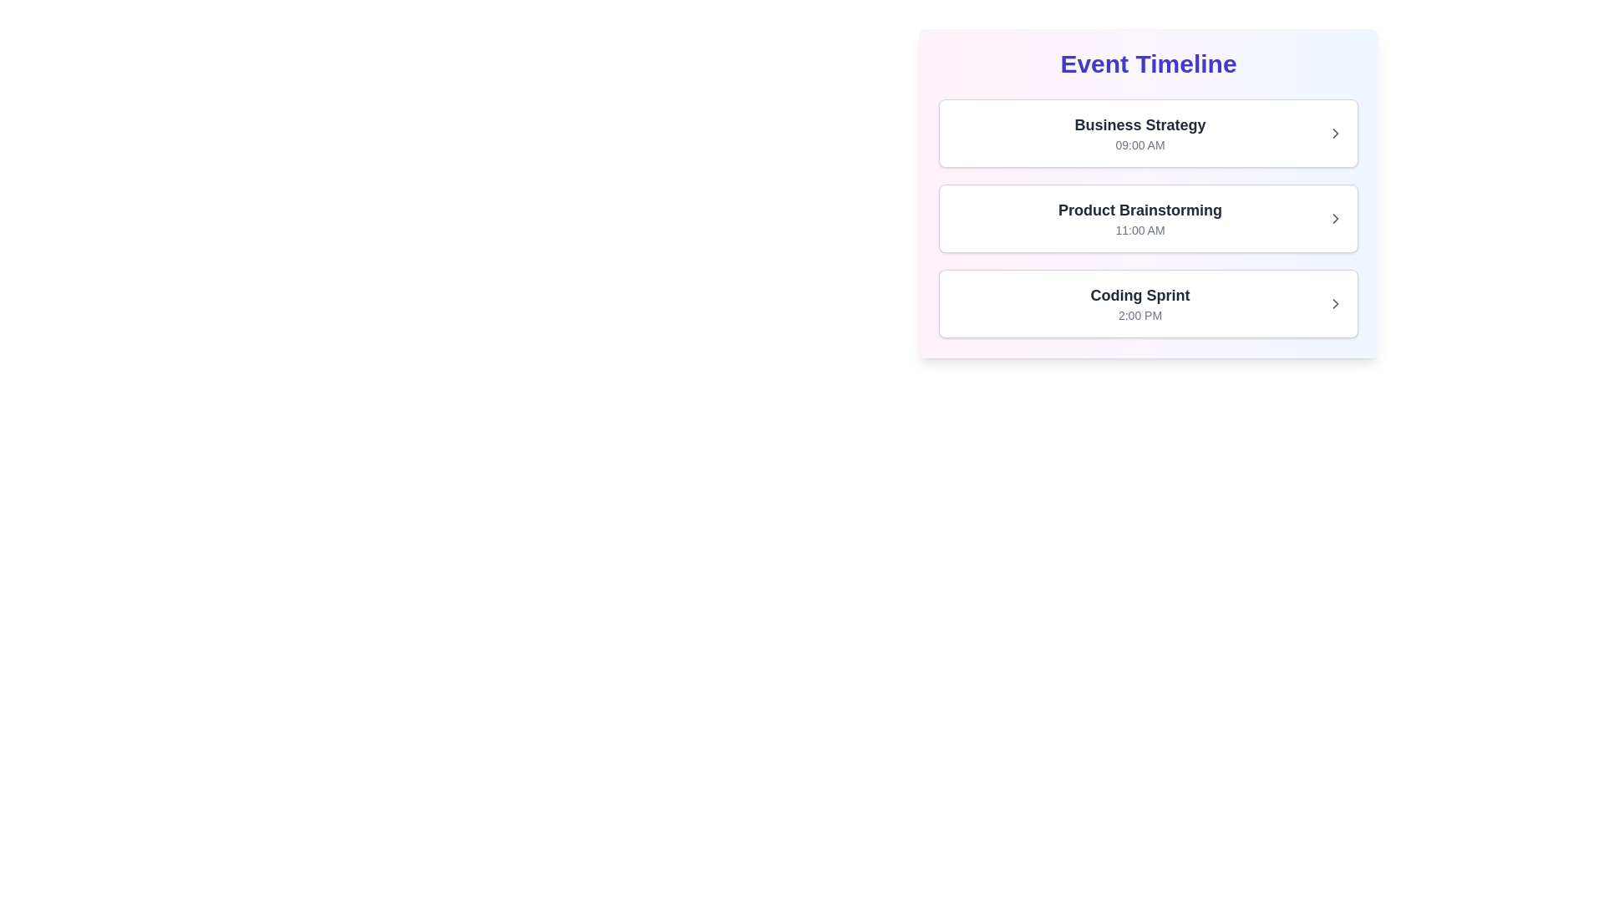  I want to click on on the second list item labeled 'Product Brainstorming' with a time of '11:00 AM', so click(1147, 218).